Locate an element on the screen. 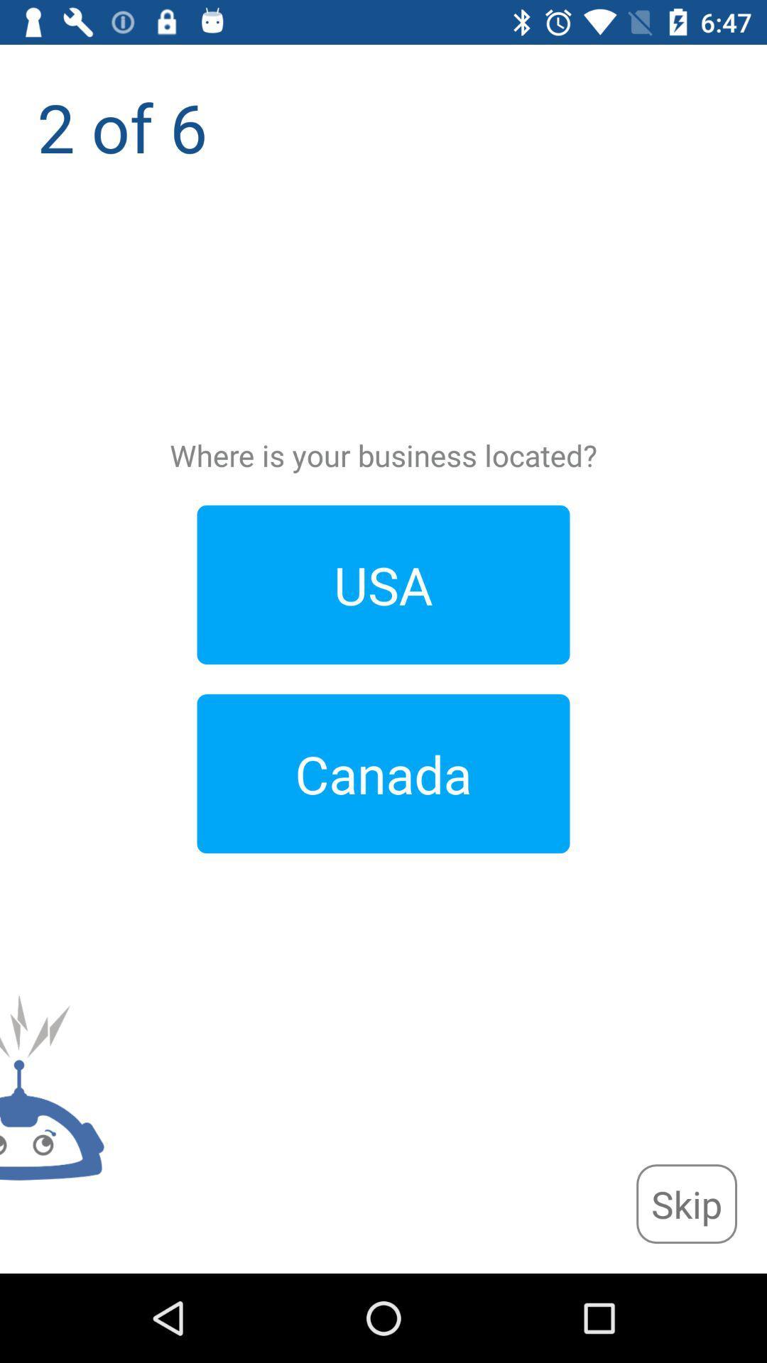 The width and height of the screenshot is (767, 1363). the item below where is your app is located at coordinates (383, 584).